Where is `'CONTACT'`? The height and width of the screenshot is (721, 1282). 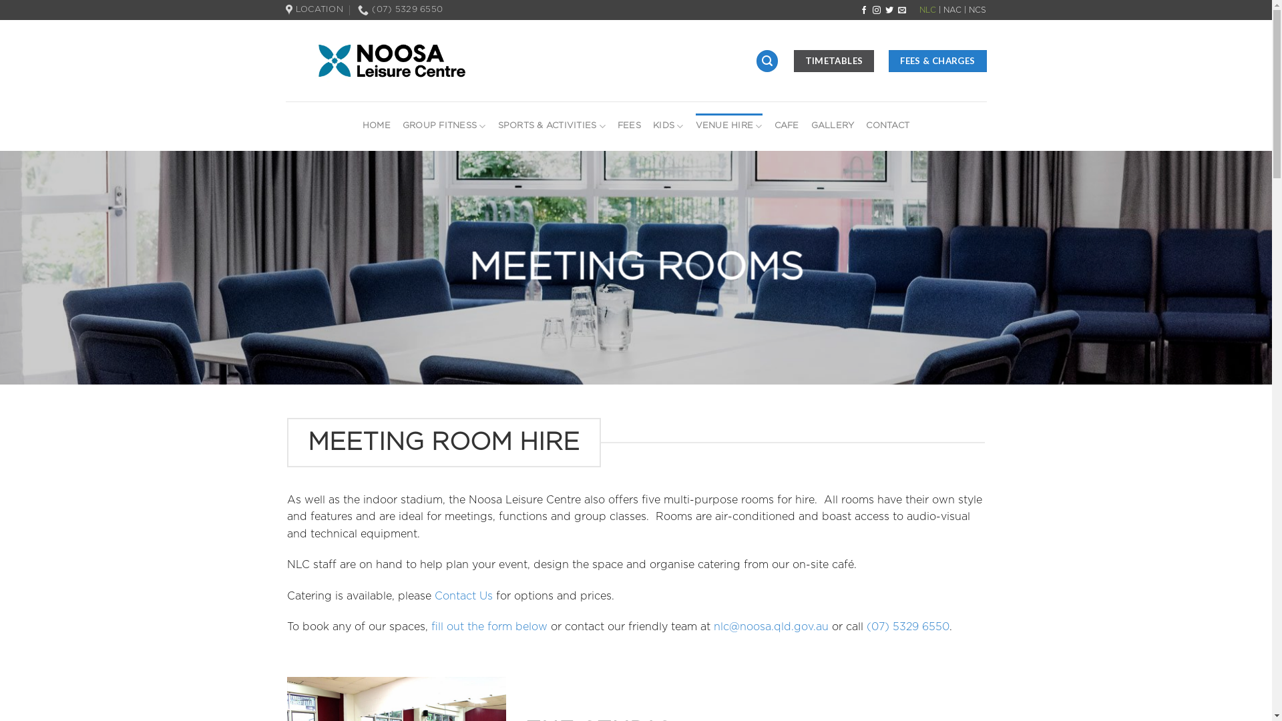
'CONTACT' is located at coordinates (887, 126).